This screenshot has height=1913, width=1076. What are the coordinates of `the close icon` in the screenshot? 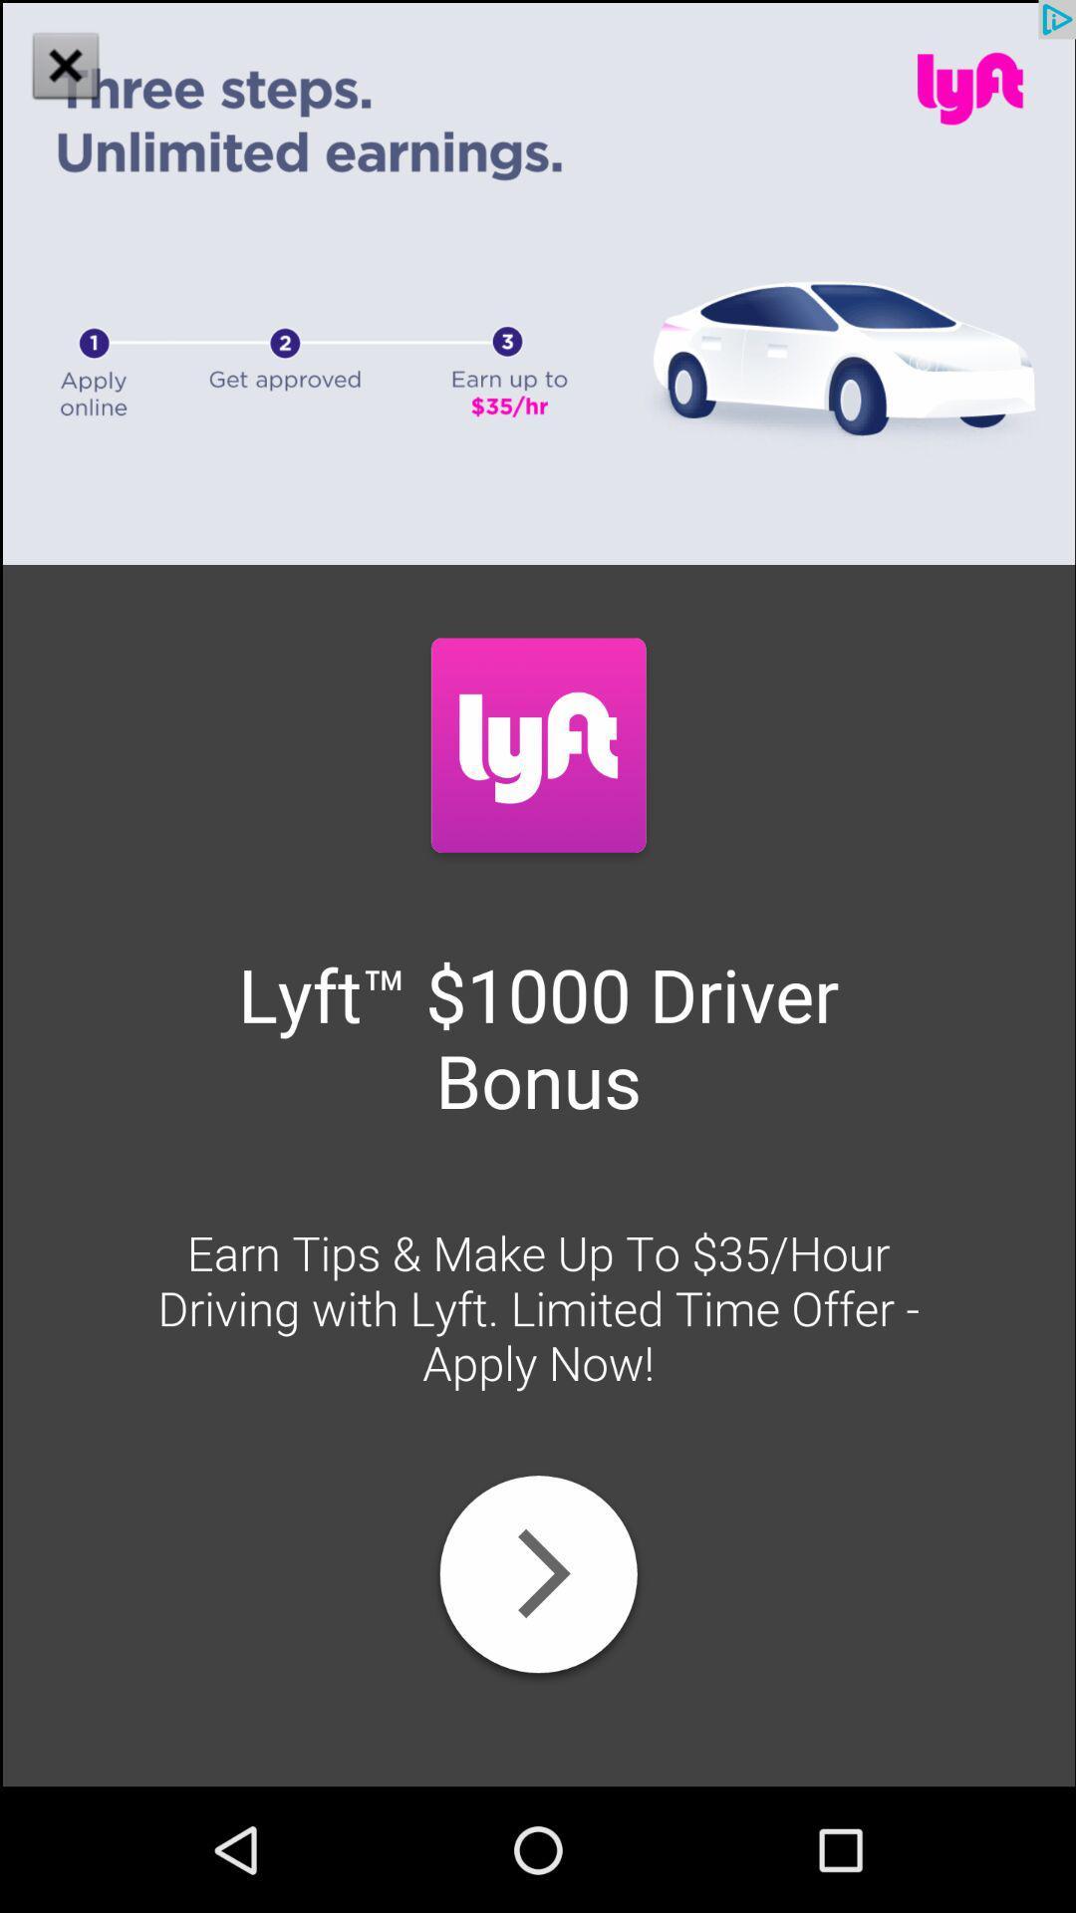 It's located at (64, 70).